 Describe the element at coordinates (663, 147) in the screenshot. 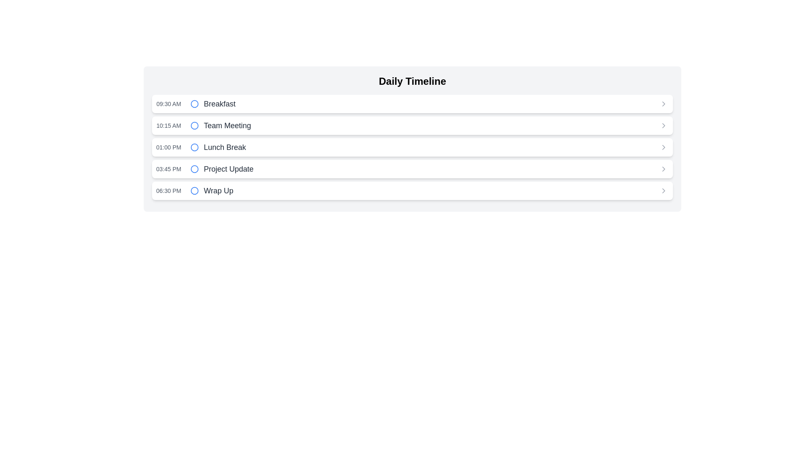

I see `the small gray chevron-right icon located at the far right of the 'Lunch Break' timeline entry to change its color` at that location.